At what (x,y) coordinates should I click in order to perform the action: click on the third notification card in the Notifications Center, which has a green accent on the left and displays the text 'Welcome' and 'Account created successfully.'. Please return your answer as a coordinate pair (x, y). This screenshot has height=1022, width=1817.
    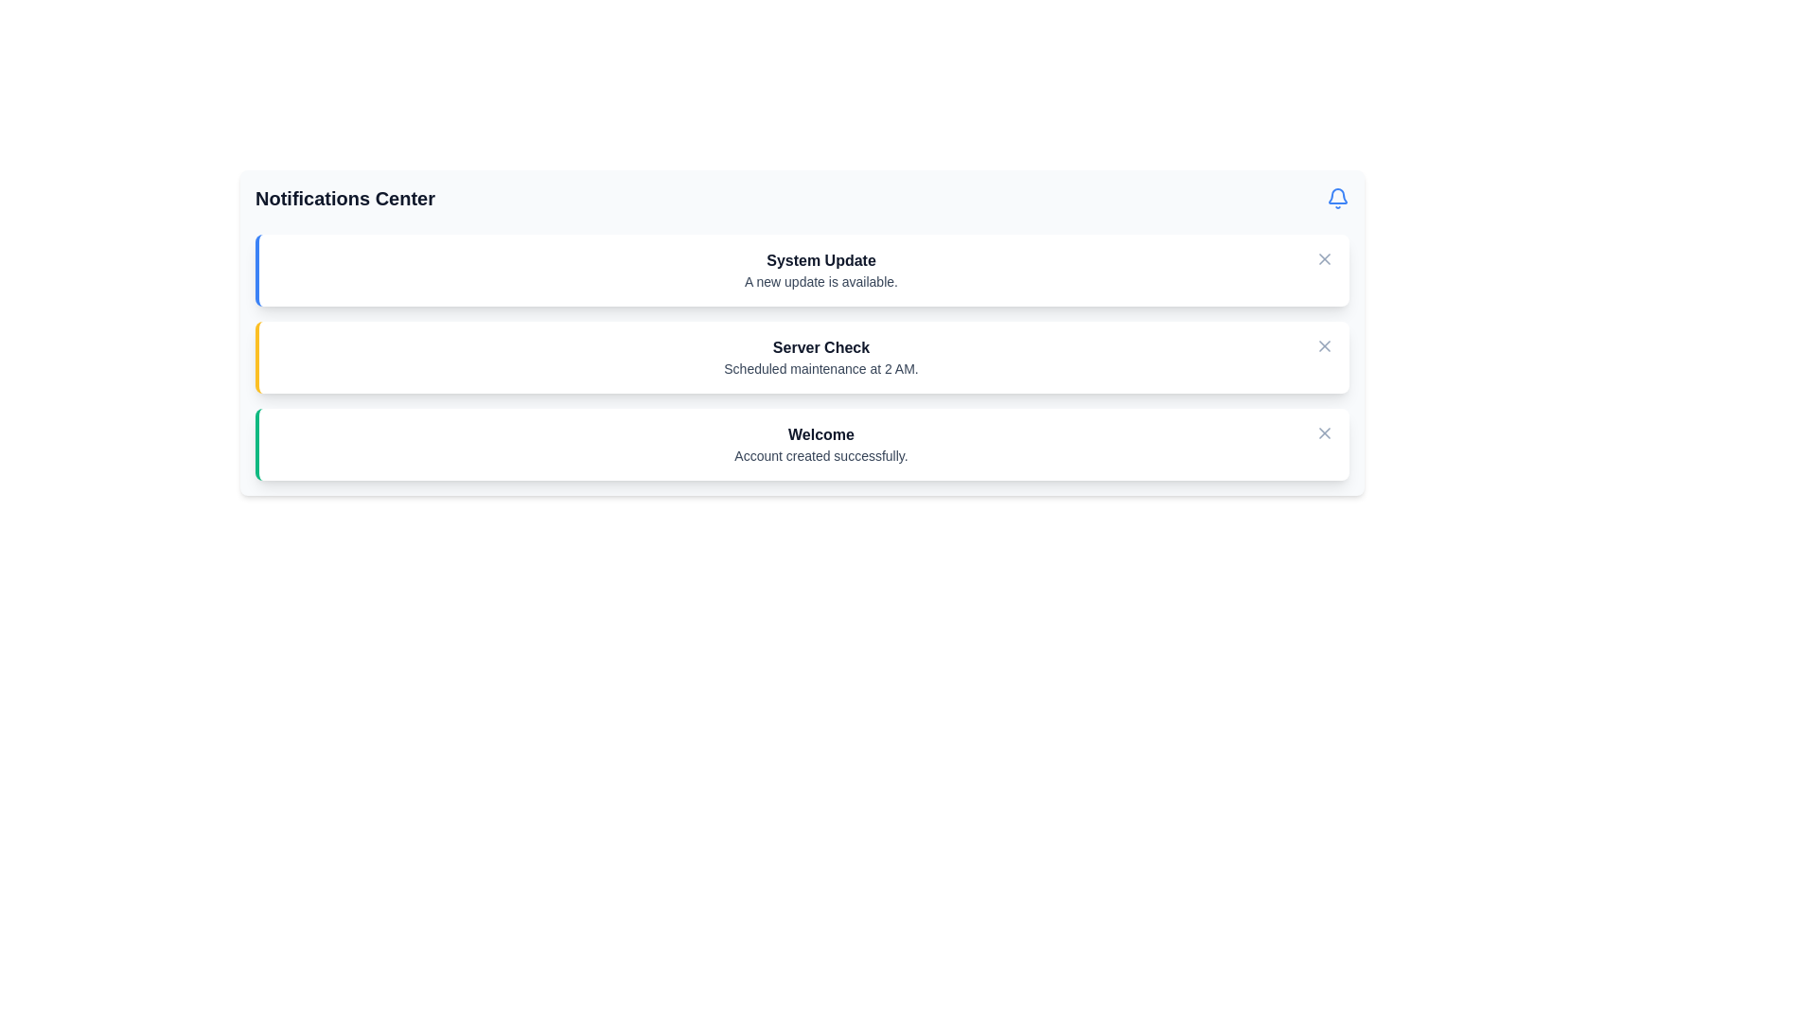
    Looking at the image, I should click on (803, 445).